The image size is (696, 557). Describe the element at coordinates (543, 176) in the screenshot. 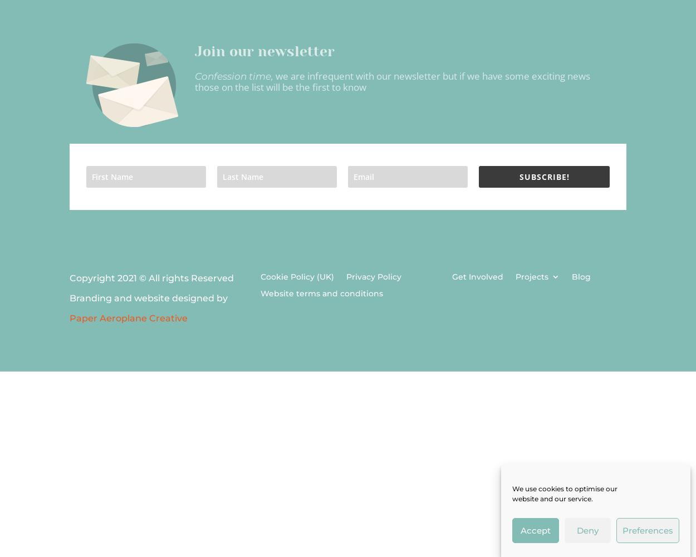

I see `'SUBSCRIBE!'` at that location.